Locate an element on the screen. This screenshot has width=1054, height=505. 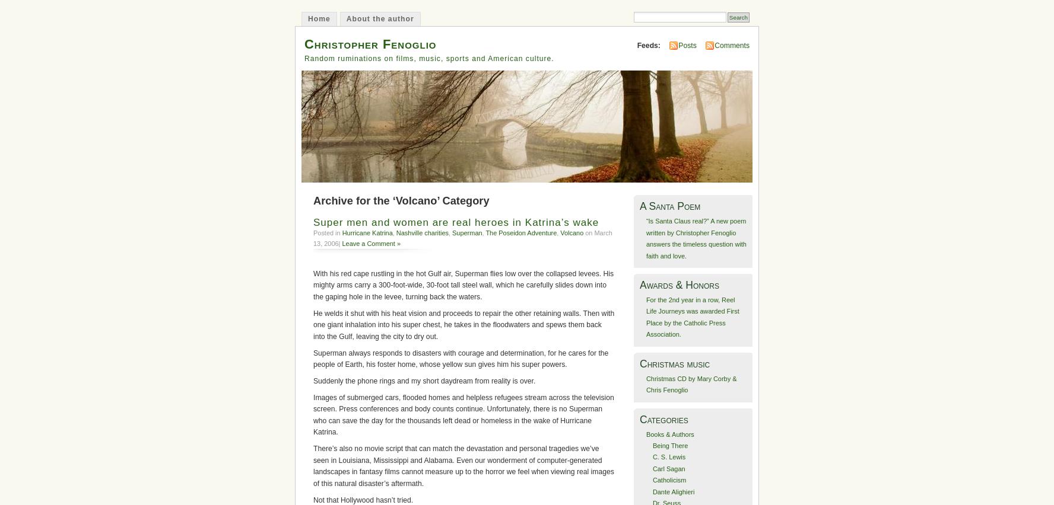
'Books & Authors' is located at coordinates (669, 433).